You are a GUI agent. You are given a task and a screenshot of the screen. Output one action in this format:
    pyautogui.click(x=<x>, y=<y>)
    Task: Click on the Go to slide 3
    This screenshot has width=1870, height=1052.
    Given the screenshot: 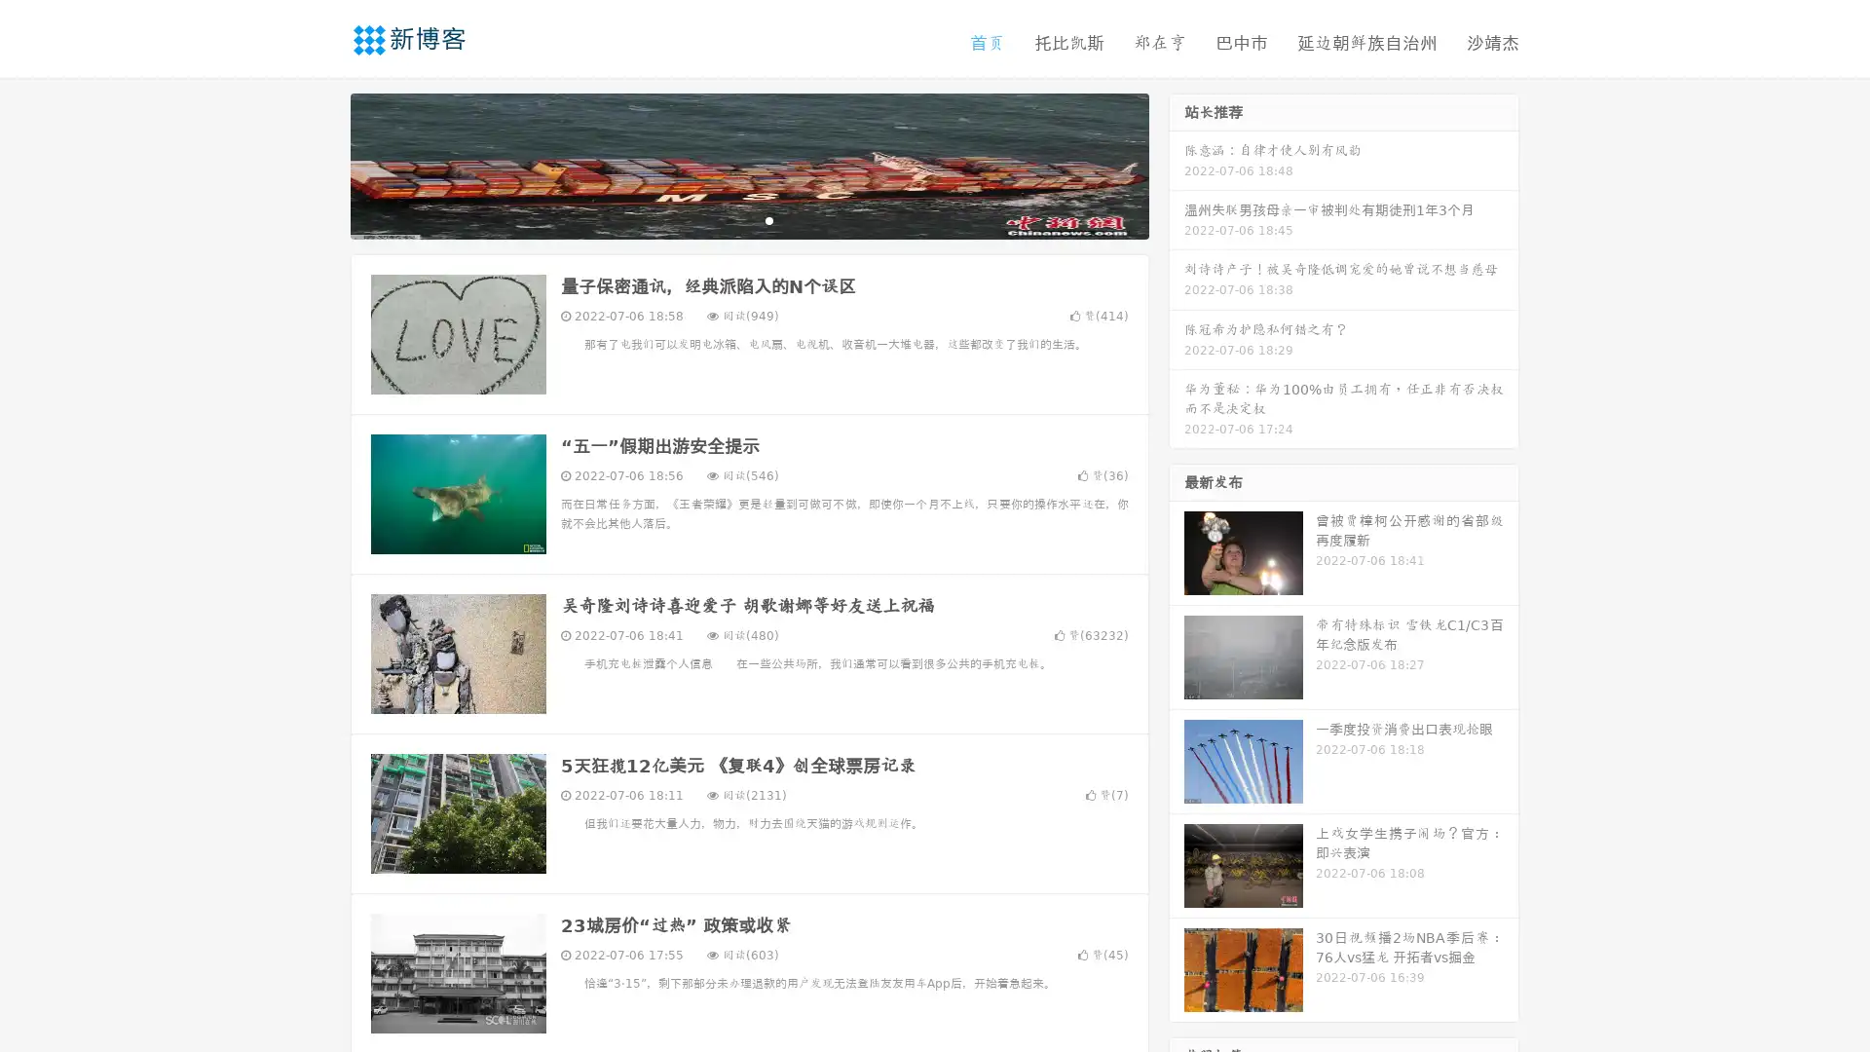 What is the action you would take?
    pyautogui.click(x=768, y=219)
    